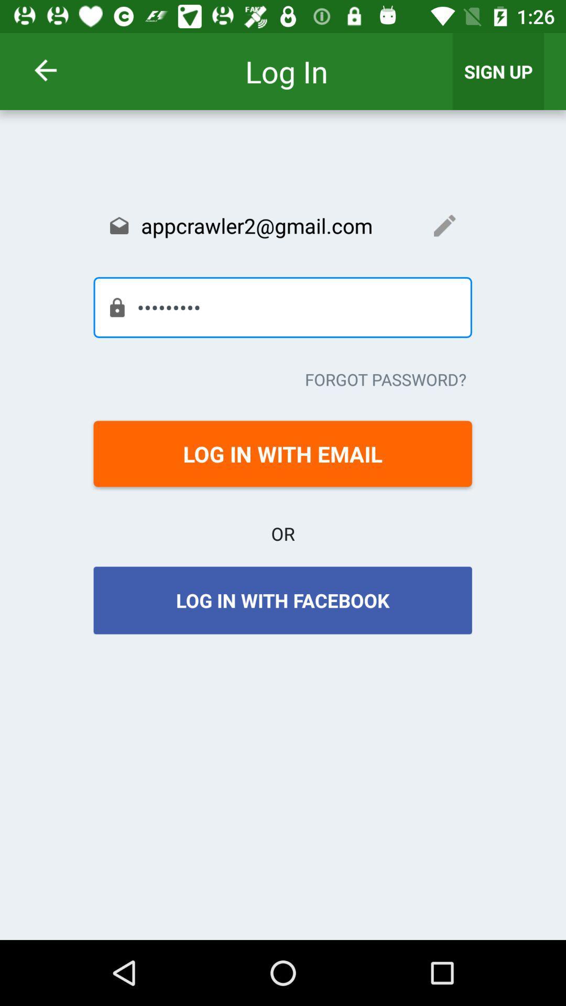  I want to click on item next to the sign up icon, so click(59, 70).